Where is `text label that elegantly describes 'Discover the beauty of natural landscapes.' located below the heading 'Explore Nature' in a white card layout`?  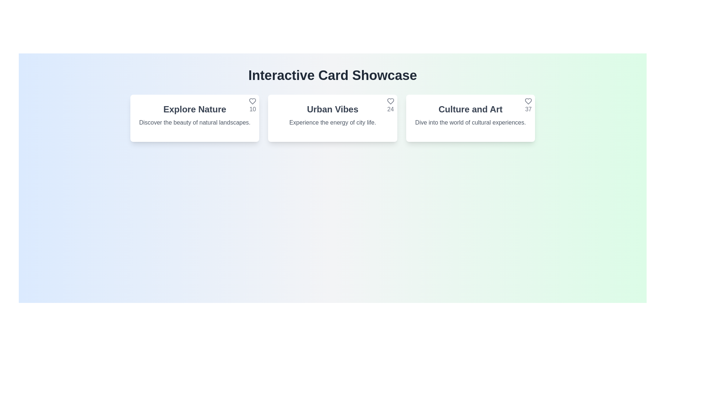
text label that elegantly describes 'Discover the beauty of natural landscapes.' located below the heading 'Explore Nature' in a white card layout is located at coordinates (195, 122).